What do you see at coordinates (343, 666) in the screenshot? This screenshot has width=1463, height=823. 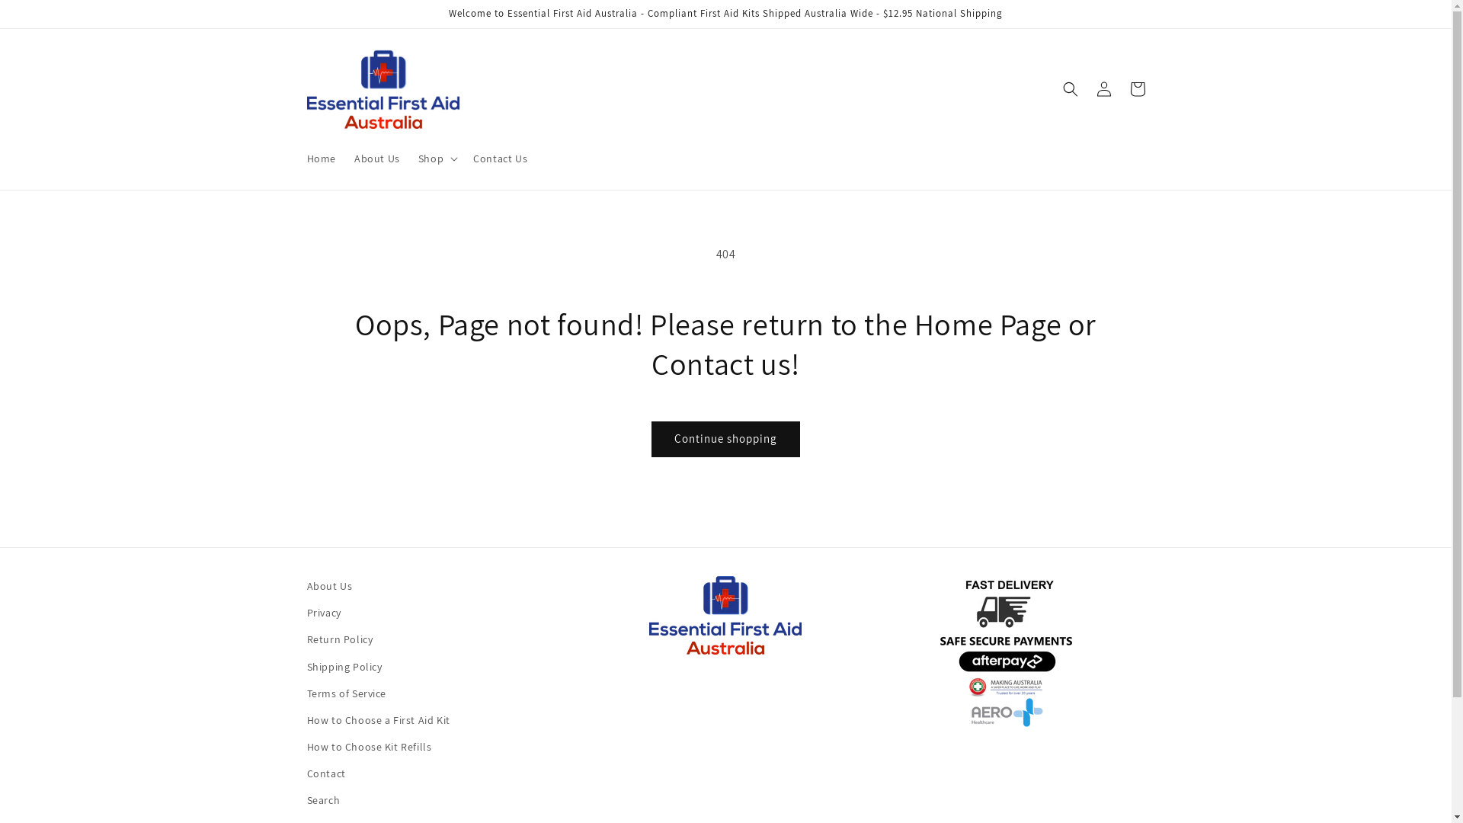 I see `'Shipping Policy'` at bounding box center [343, 666].